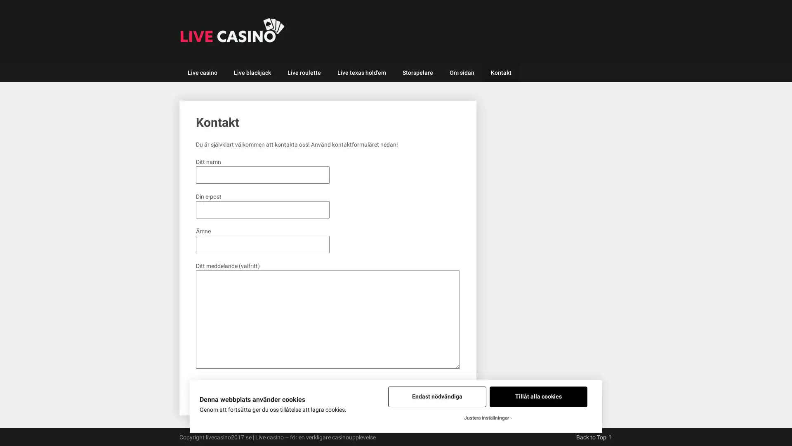 The height and width of the screenshot is (446, 792). Describe the element at coordinates (209, 387) in the screenshot. I see `Skicka` at that location.